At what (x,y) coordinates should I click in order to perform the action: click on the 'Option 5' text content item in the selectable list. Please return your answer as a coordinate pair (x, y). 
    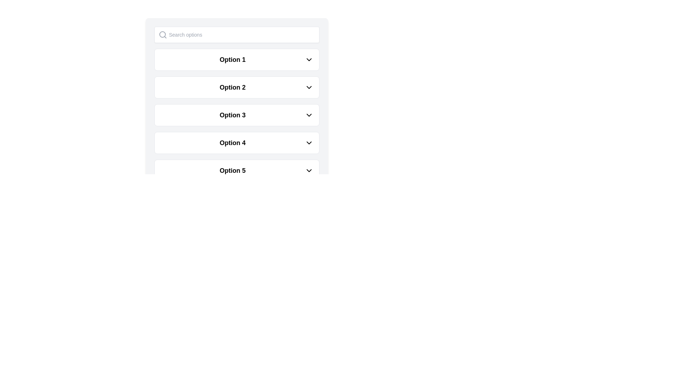
    Looking at the image, I should click on (232, 170).